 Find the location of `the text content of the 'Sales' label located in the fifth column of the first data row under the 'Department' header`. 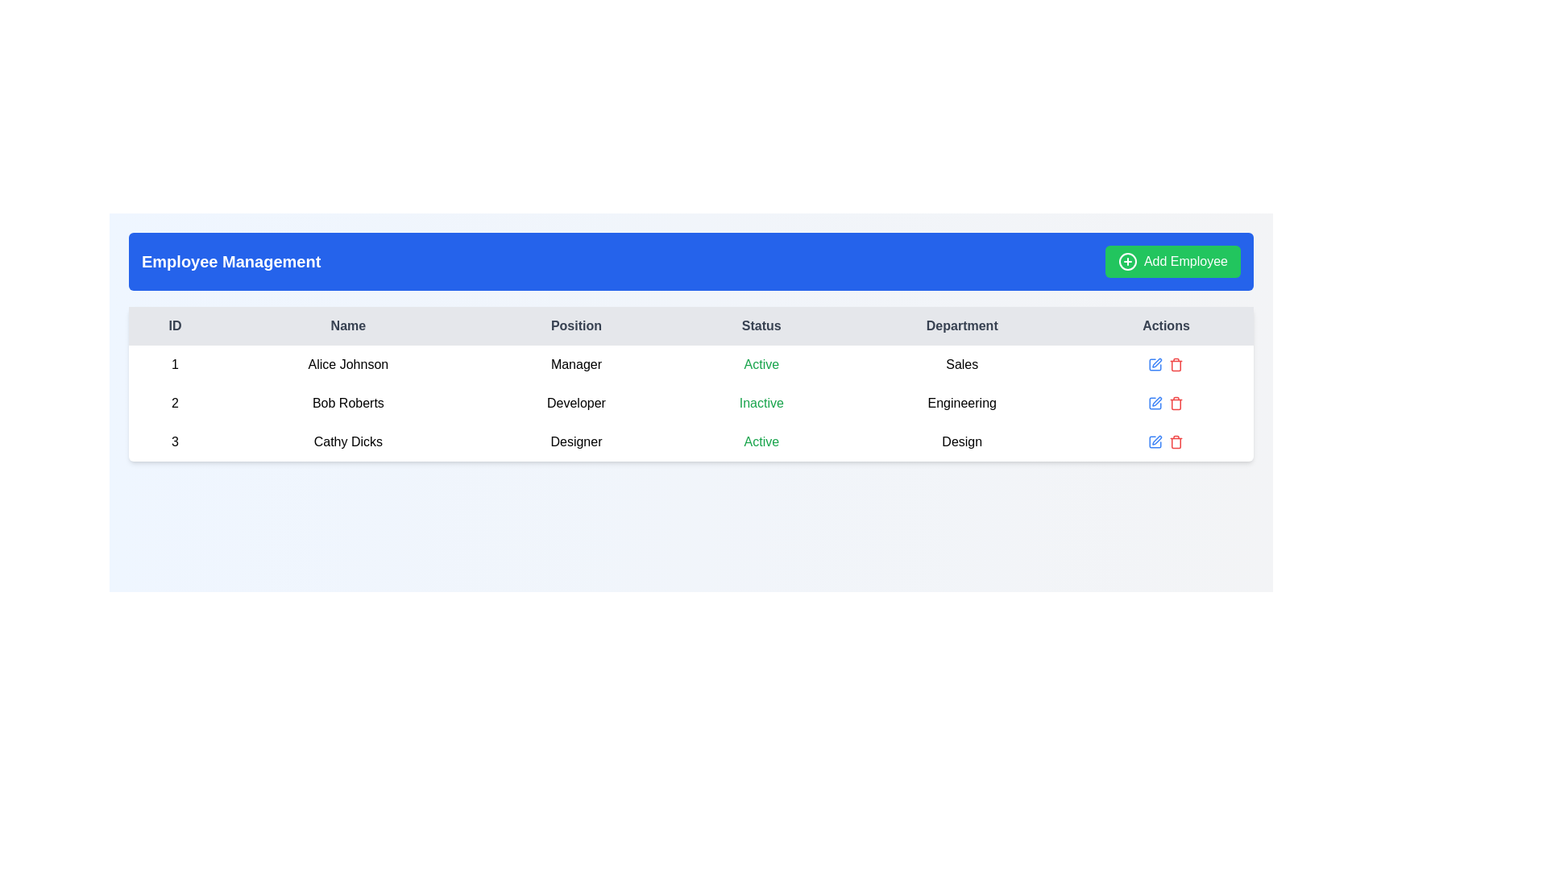

the text content of the 'Sales' label located in the fifth column of the first data row under the 'Department' header is located at coordinates (962, 364).